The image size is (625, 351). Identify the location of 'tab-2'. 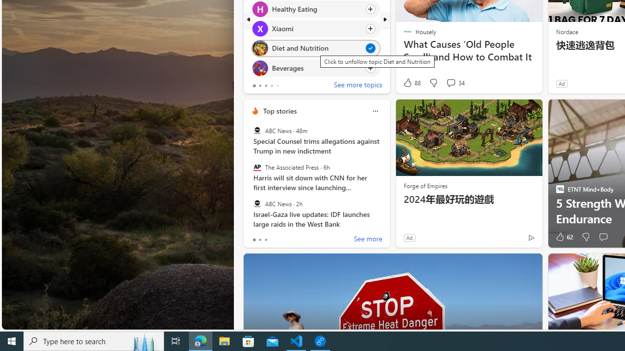
(266, 240).